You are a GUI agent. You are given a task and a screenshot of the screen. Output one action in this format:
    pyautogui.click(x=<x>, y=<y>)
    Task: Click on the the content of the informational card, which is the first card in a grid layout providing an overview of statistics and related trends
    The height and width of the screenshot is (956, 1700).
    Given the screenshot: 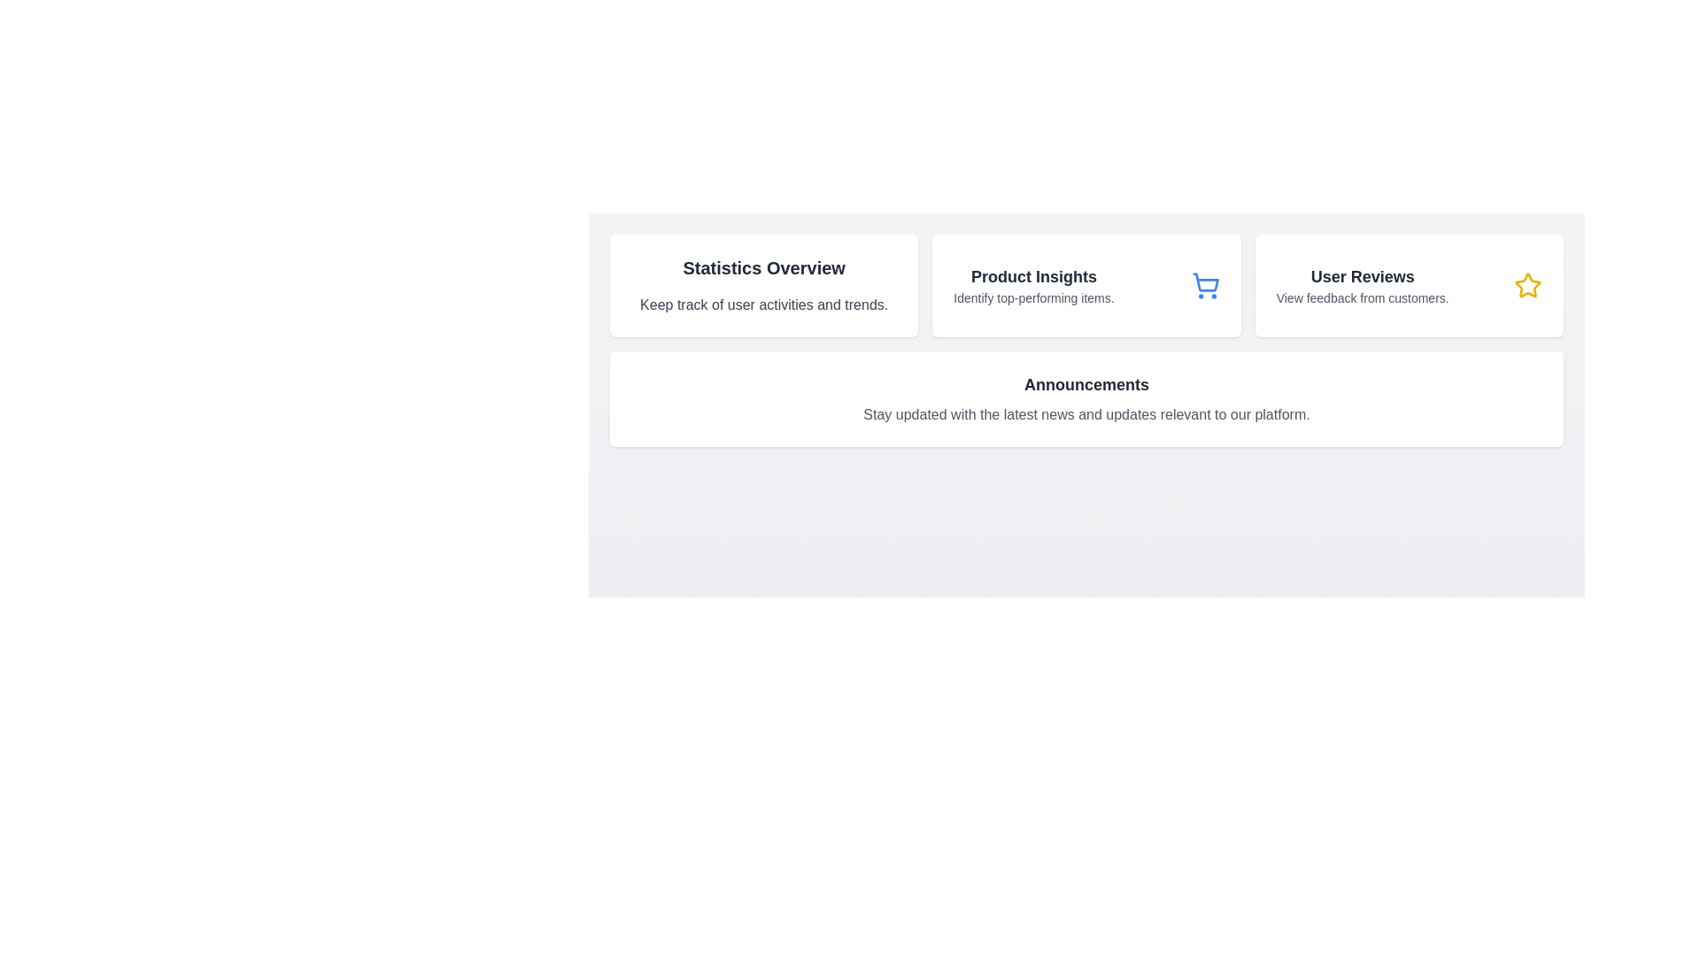 What is the action you would take?
    pyautogui.click(x=764, y=285)
    